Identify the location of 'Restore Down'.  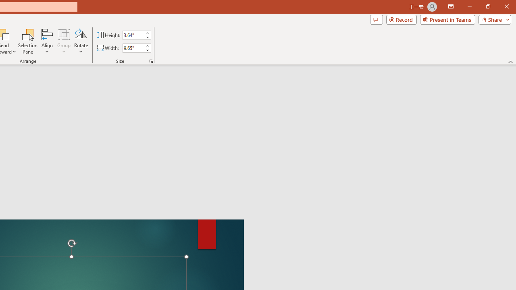
(487, 6).